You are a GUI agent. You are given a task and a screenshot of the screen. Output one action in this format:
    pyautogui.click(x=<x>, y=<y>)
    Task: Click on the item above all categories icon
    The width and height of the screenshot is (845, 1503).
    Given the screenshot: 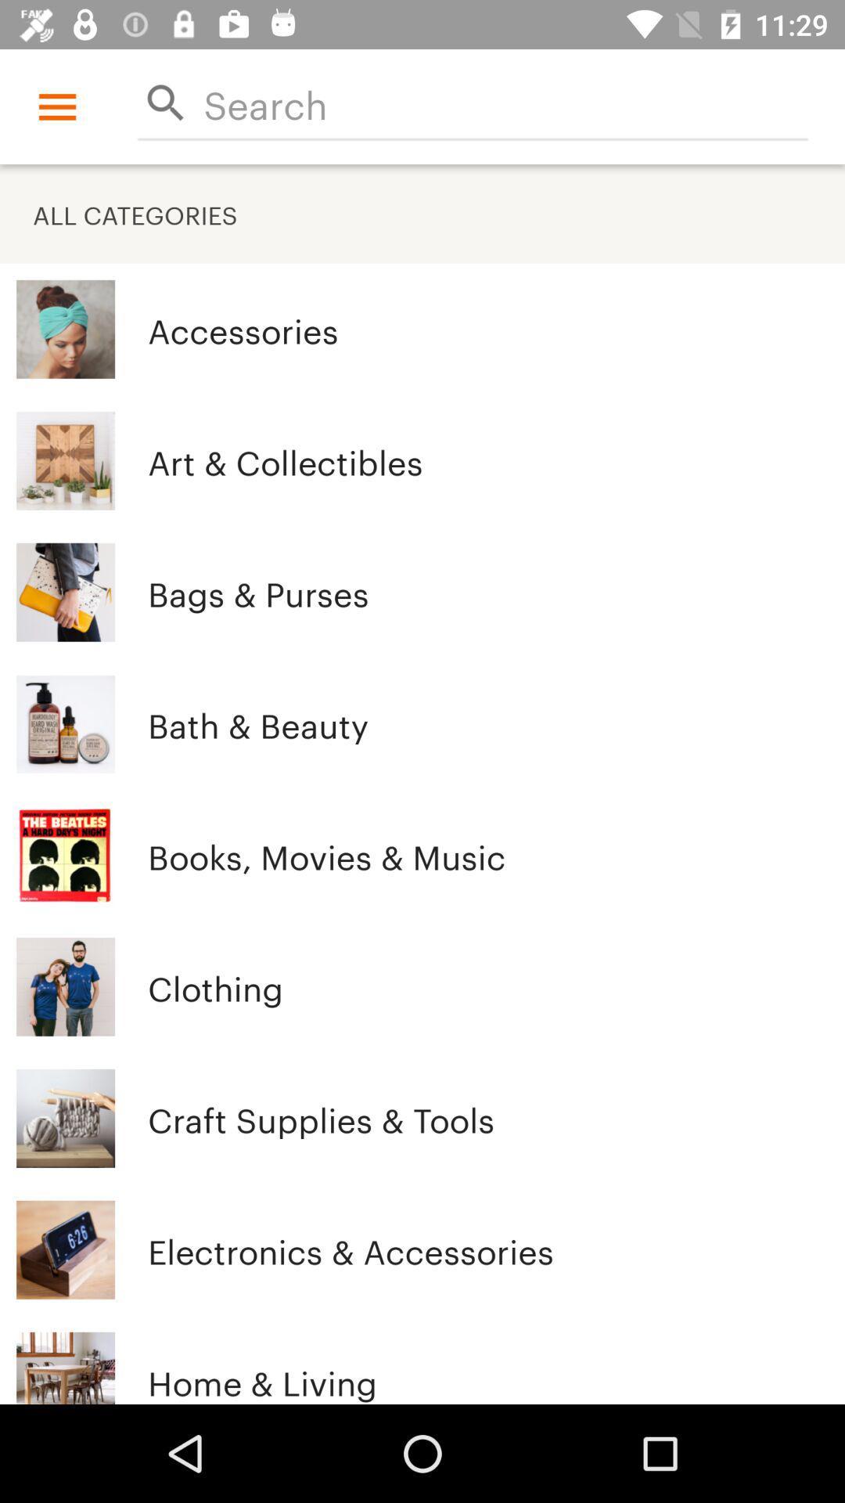 What is the action you would take?
    pyautogui.click(x=505, y=102)
    